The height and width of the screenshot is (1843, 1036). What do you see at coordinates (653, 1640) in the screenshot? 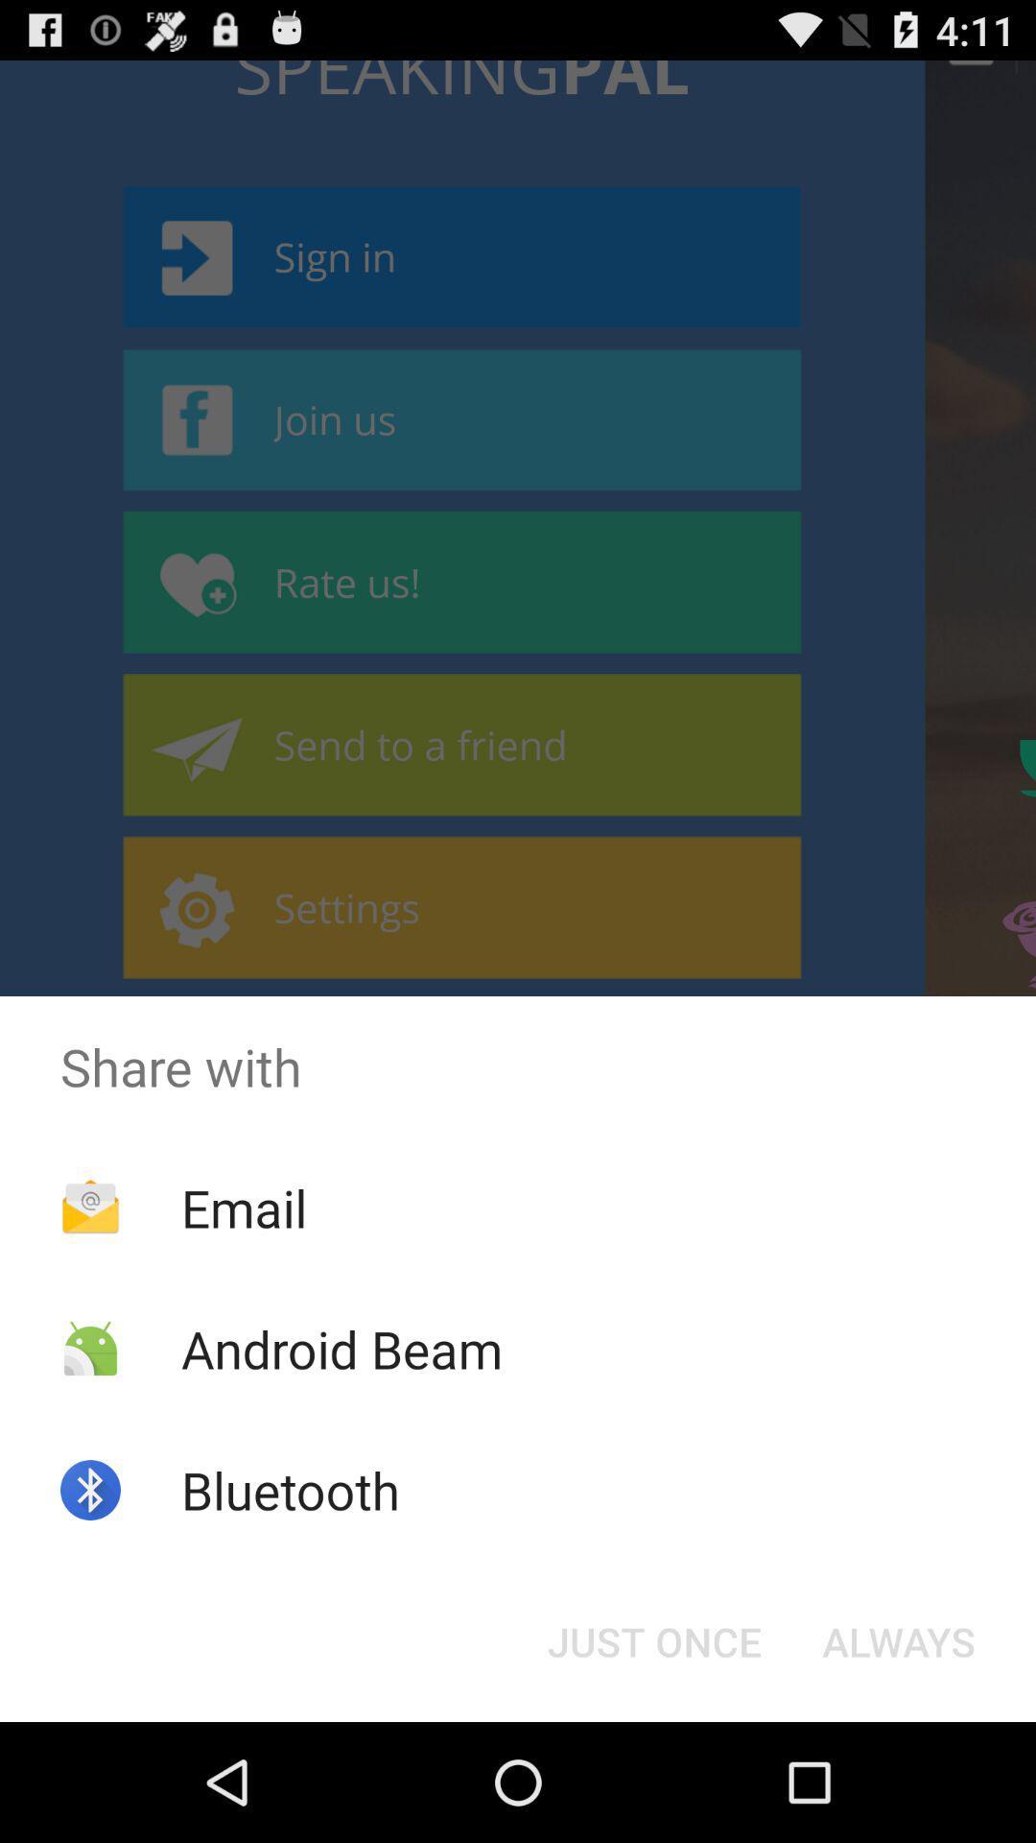
I see `the item below the share with icon` at bounding box center [653, 1640].